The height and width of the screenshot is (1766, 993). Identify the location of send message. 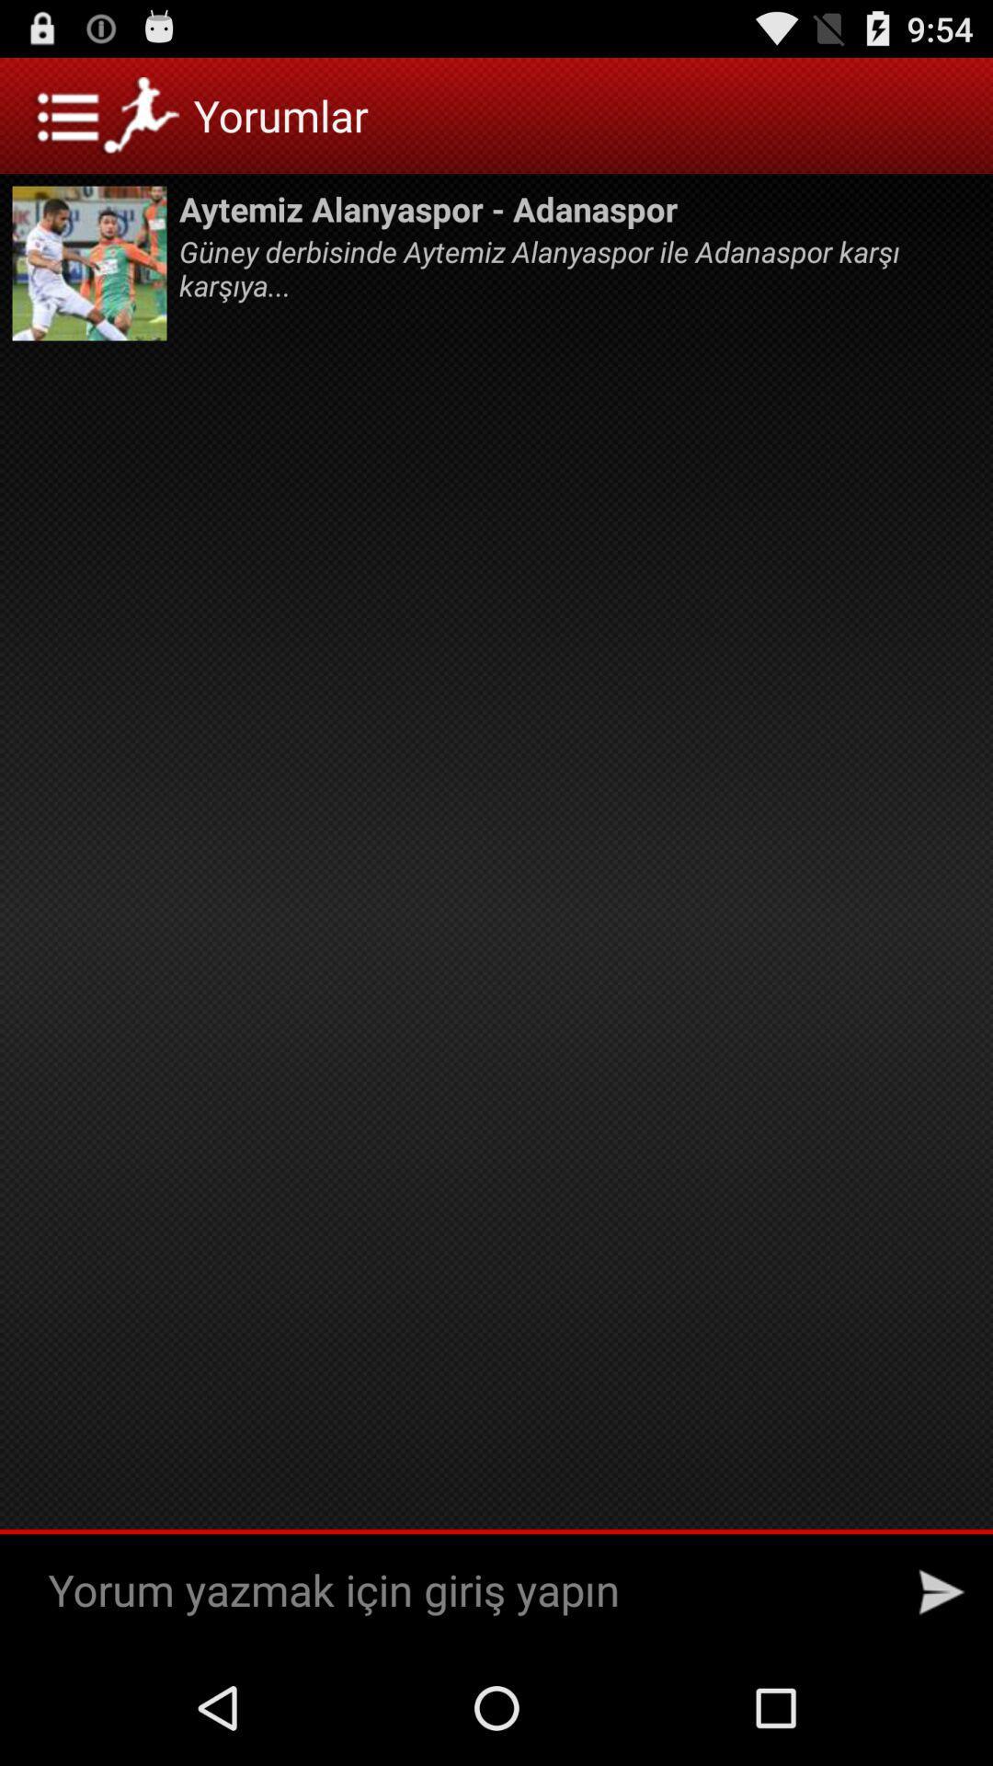
(942, 1591).